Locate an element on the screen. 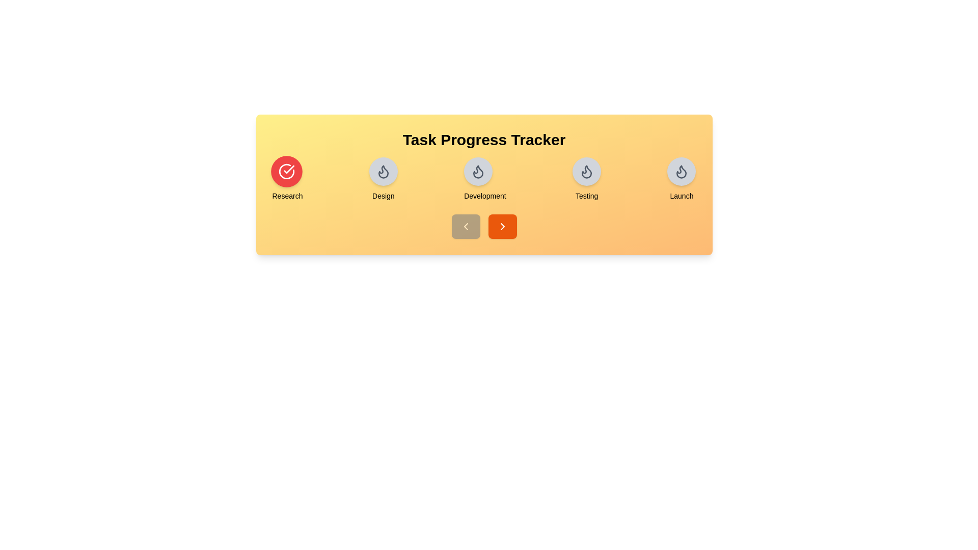  the second text label in the task progress tracker interface, which provides context for the progress stage between 'Research' and 'Development' is located at coordinates (383, 196).